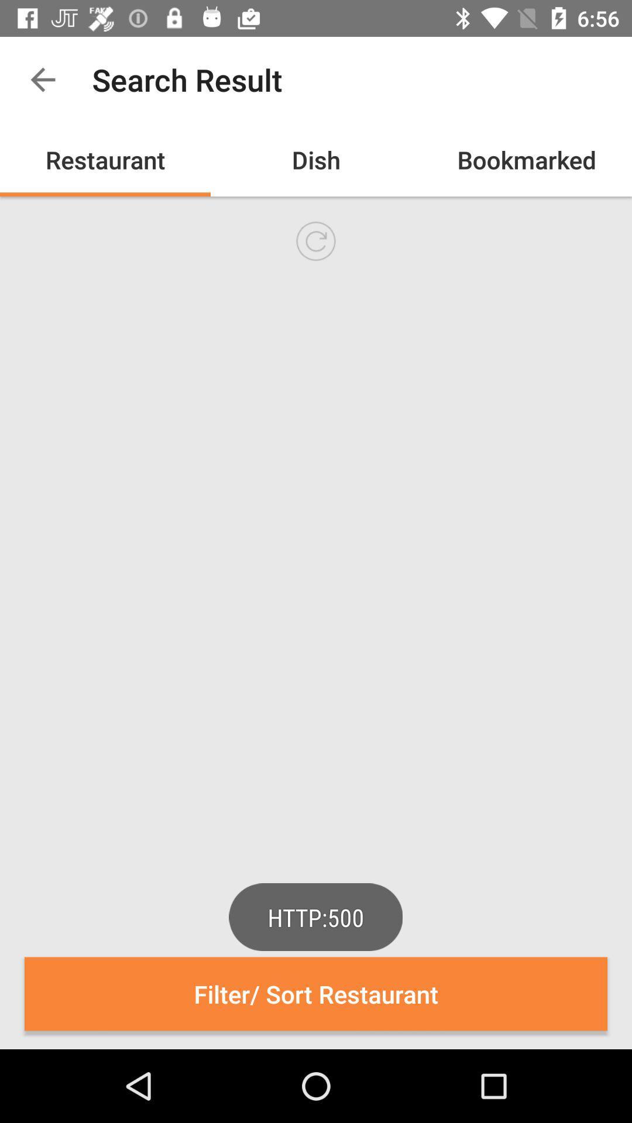 The height and width of the screenshot is (1123, 632). Describe the element at coordinates (316, 240) in the screenshot. I see `refresh` at that location.